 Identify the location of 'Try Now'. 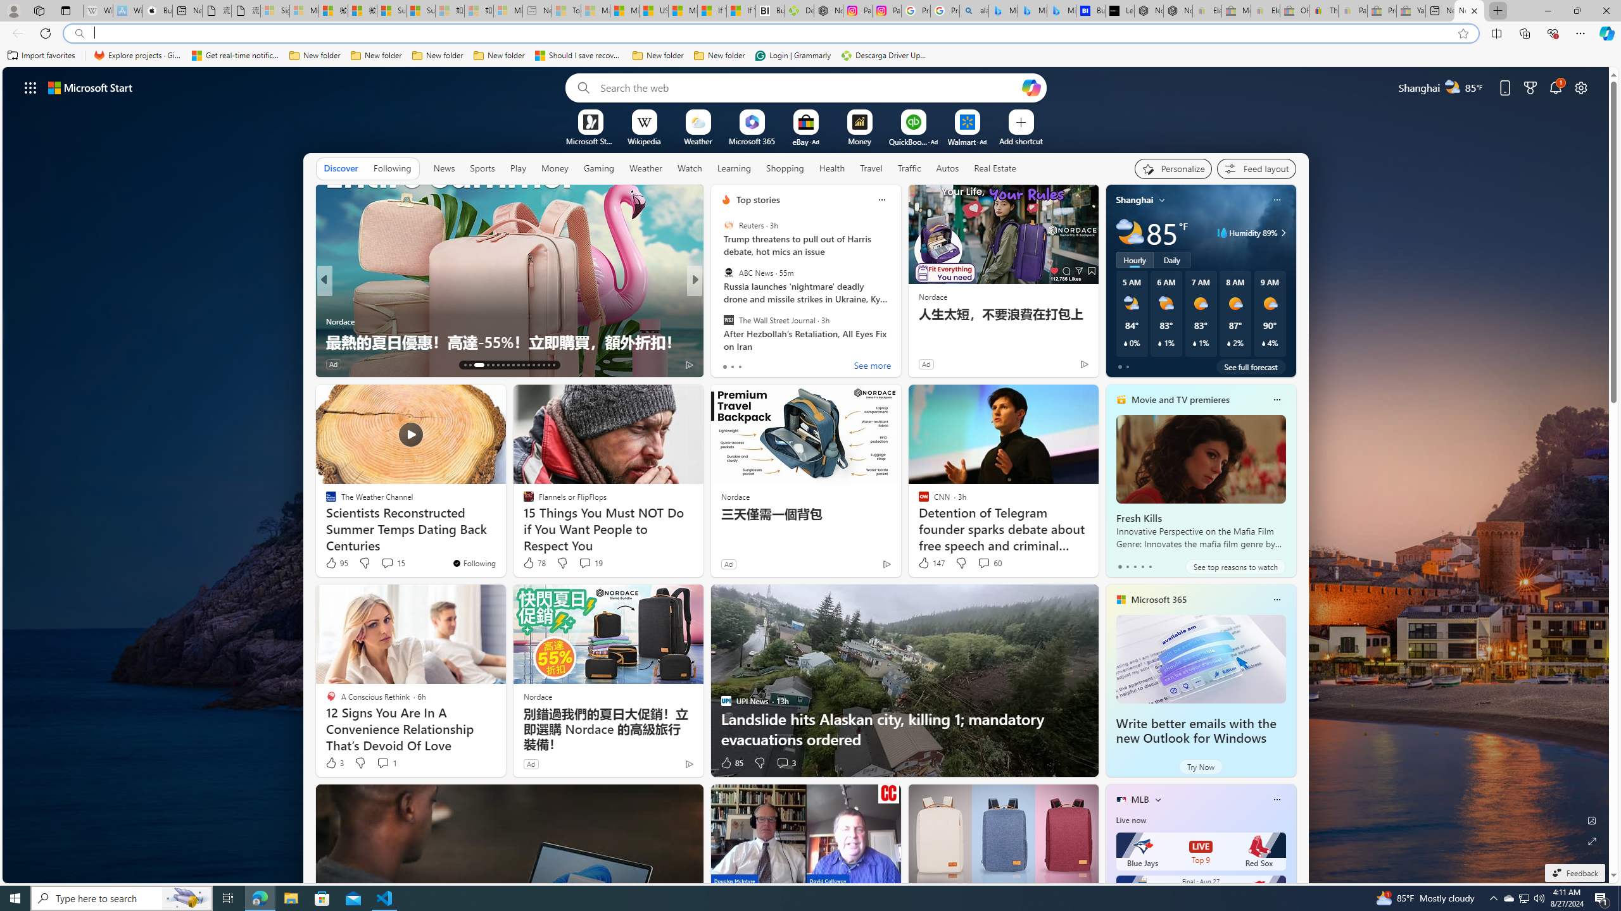
(1200, 765).